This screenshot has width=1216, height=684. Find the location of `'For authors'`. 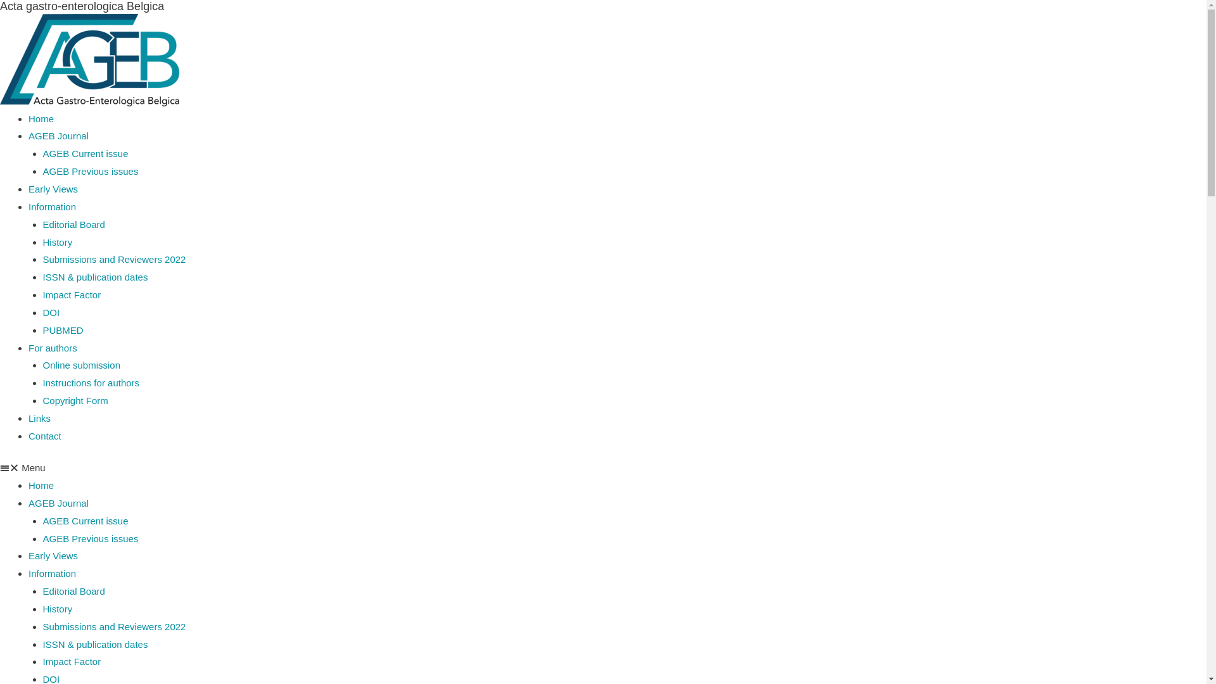

'For authors' is located at coordinates (52, 348).